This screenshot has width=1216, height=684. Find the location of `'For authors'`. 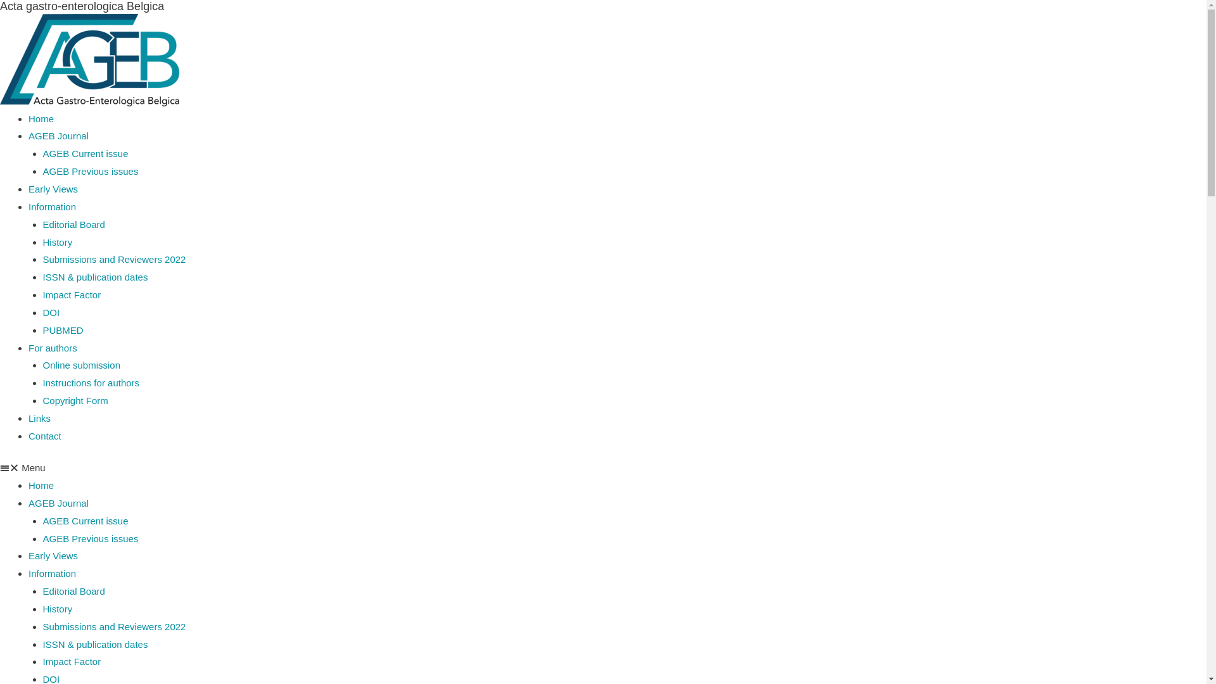

'For authors' is located at coordinates (52, 348).